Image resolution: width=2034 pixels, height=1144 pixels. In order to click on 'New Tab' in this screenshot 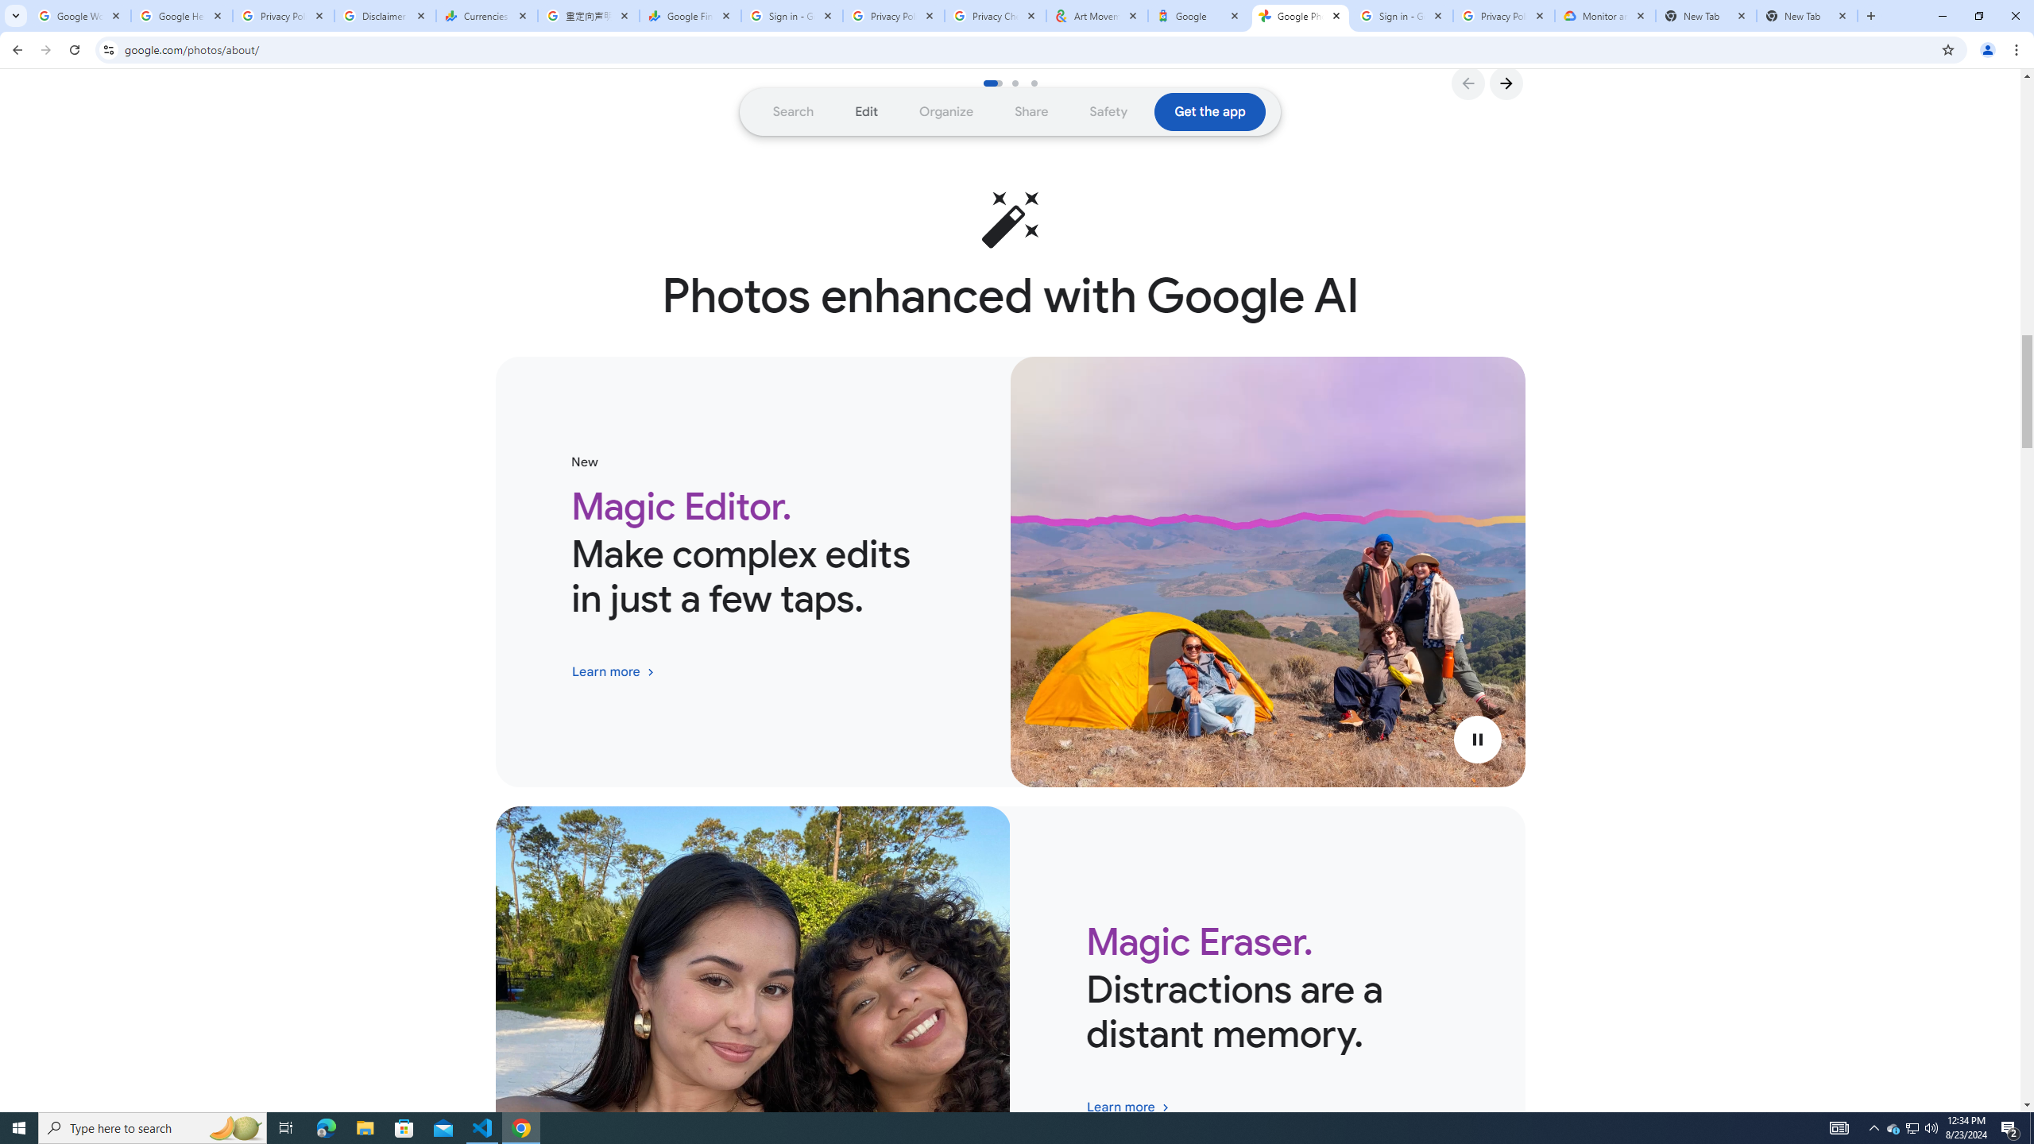, I will do `click(1706, 15)`.